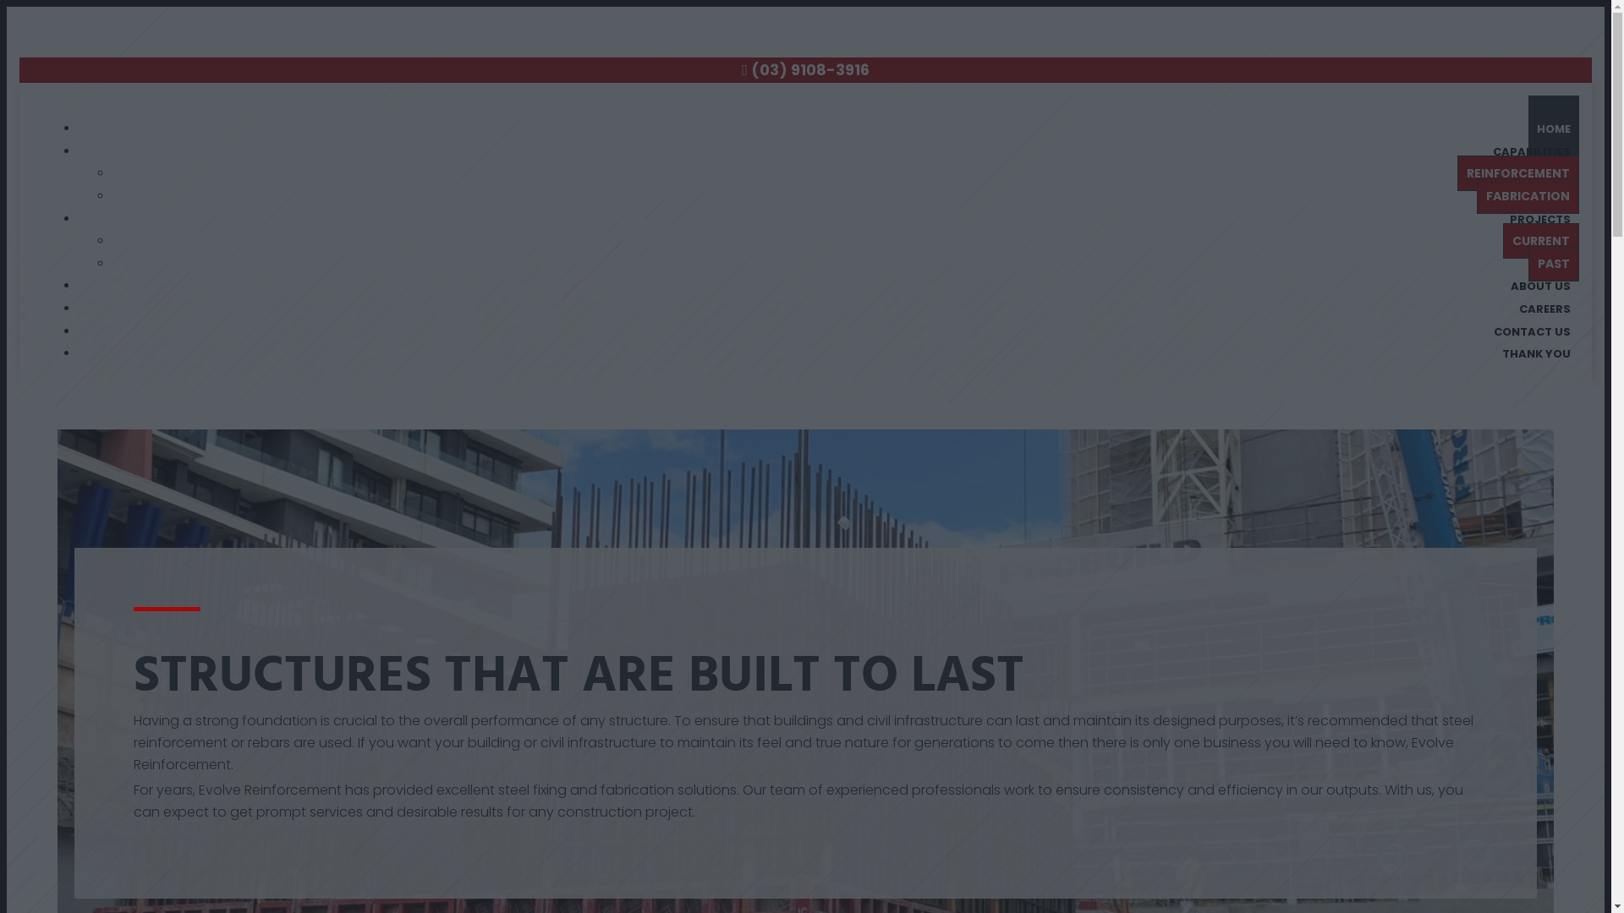 The width and height of the screenshot is (1624, 913). I want to click on 'THANK YOU', so click(1536, 353).